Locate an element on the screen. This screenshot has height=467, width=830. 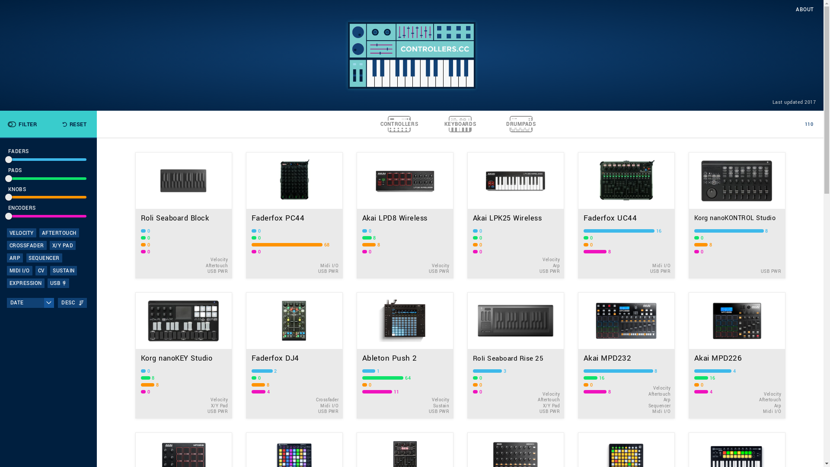
'Faderfox PC44 is located at coordinates (294, 214).